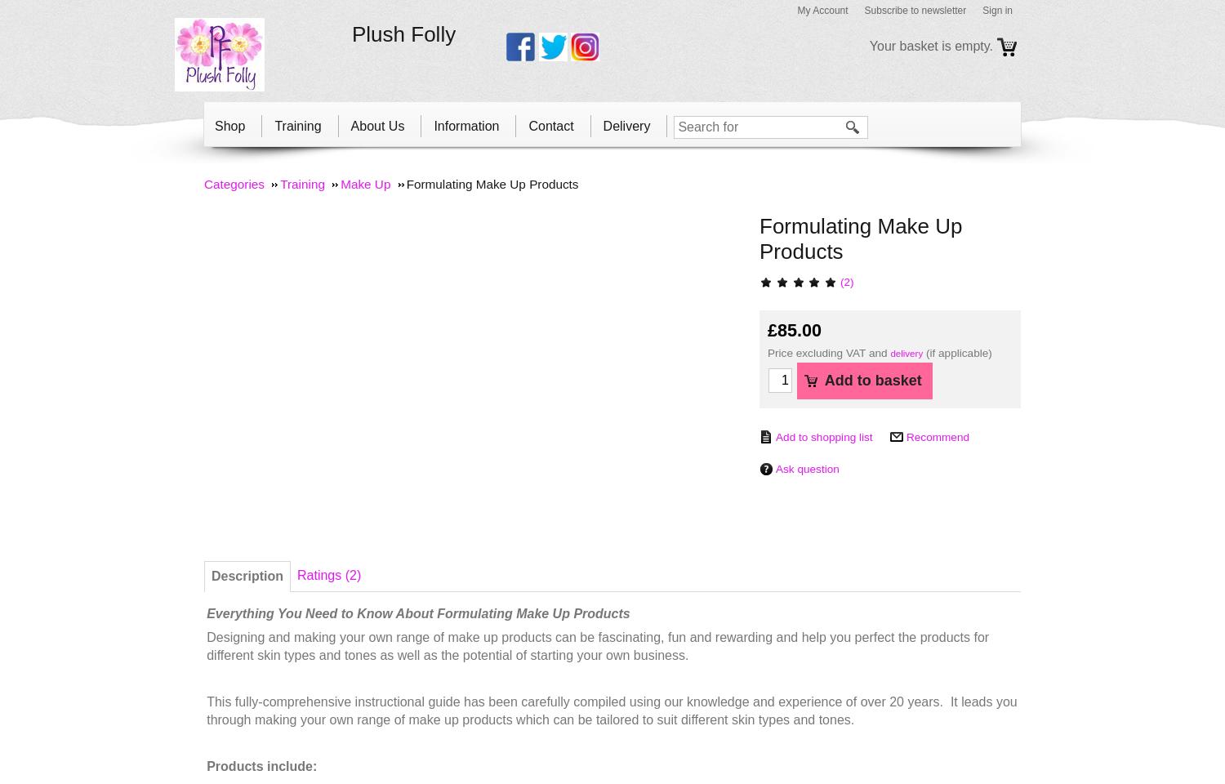 The height and width of the screenshot is (784, 1225). What do you see at coordinates (207, 646) in the screenshot?
I see `'Designing and making your own range of make up products can be fascinating, fun and rewarding and help you perfect the products for different skin types and tones as well as the potential of starting your own business.'` at bounding box center [207, 646].